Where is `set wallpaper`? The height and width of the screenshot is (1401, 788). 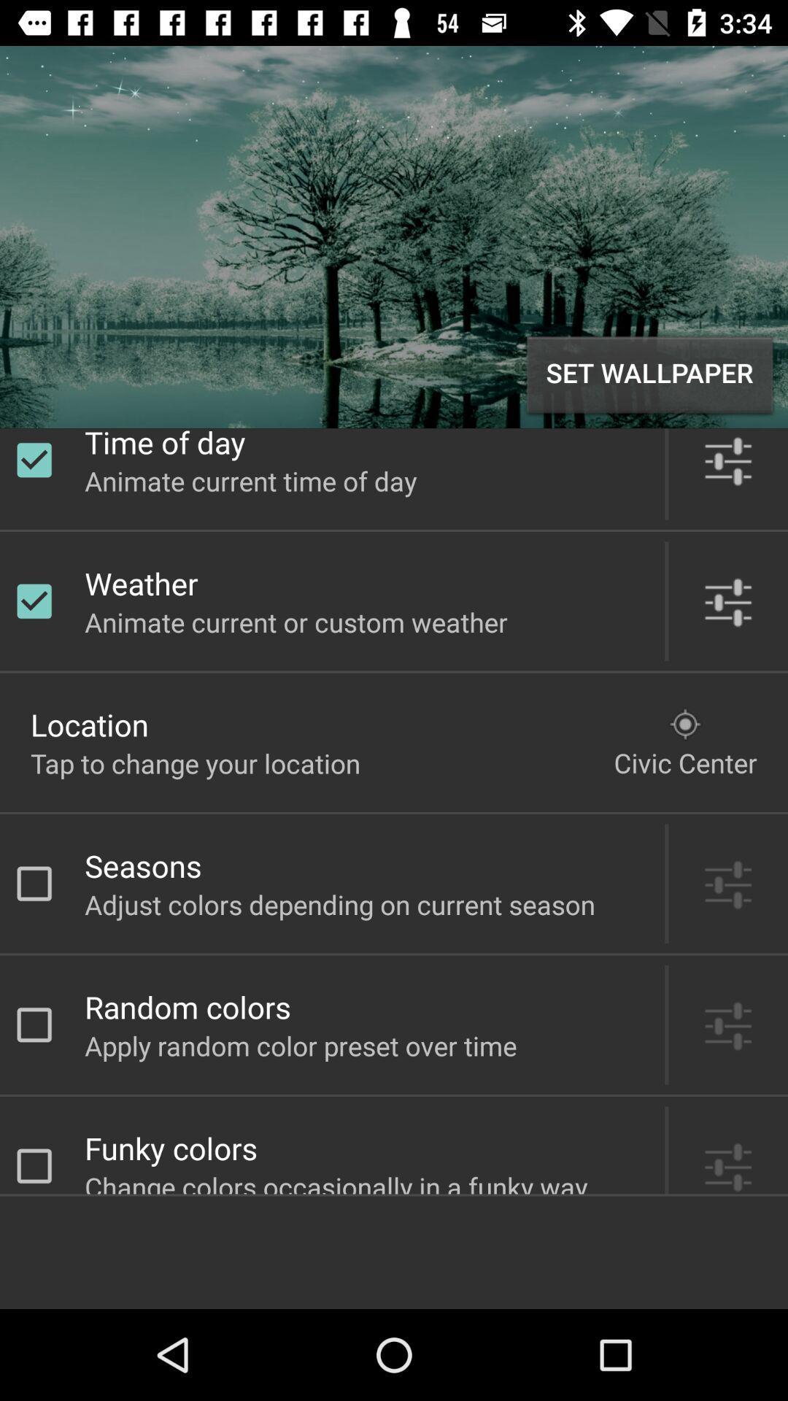 set wallpaper is located at coordinates (649, 374).